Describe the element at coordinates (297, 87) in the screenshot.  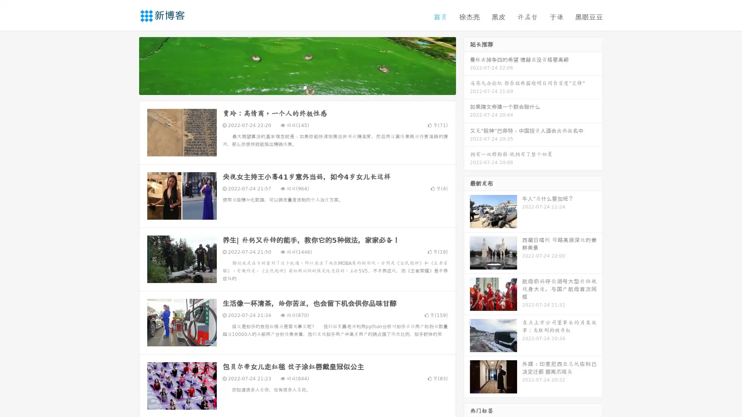
I see `Go to slide 2` at that location.